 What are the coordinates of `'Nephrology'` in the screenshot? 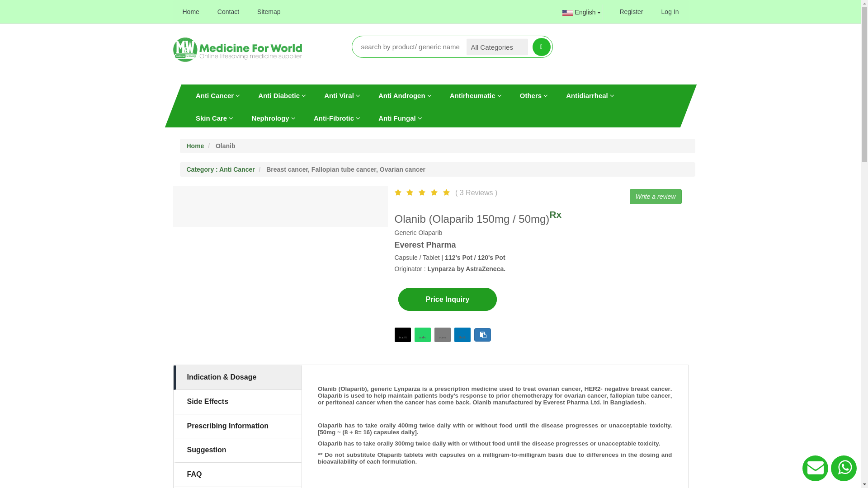 It's located at (242, 117).